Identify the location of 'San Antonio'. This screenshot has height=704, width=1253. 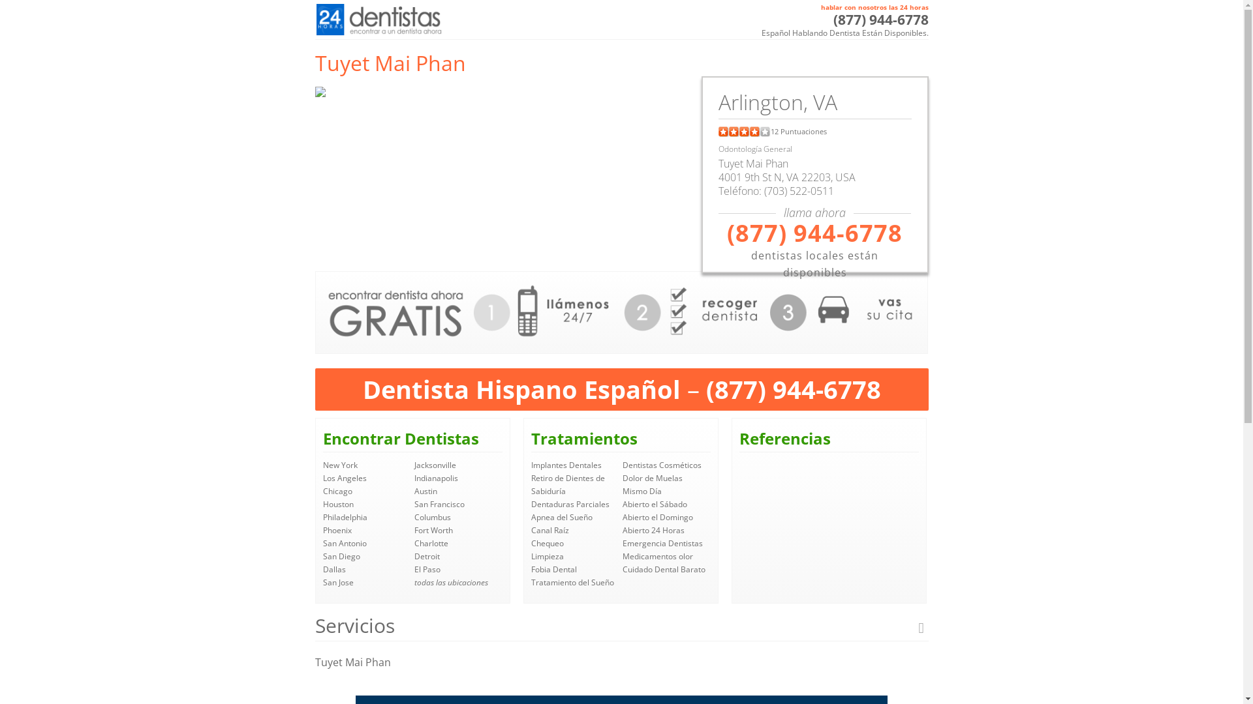
(322, 543).